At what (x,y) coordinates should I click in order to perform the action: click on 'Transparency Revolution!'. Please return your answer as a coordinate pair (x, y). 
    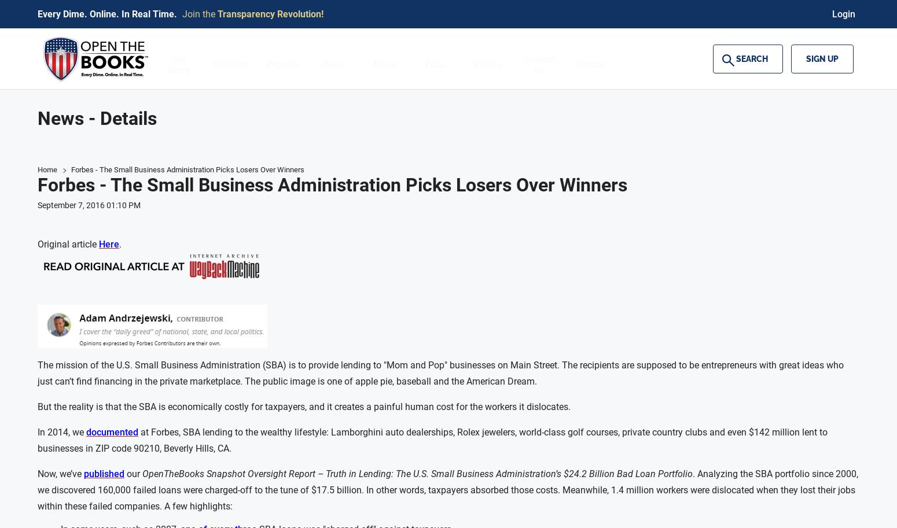
    Looking at the image, I should click on (270, 14).